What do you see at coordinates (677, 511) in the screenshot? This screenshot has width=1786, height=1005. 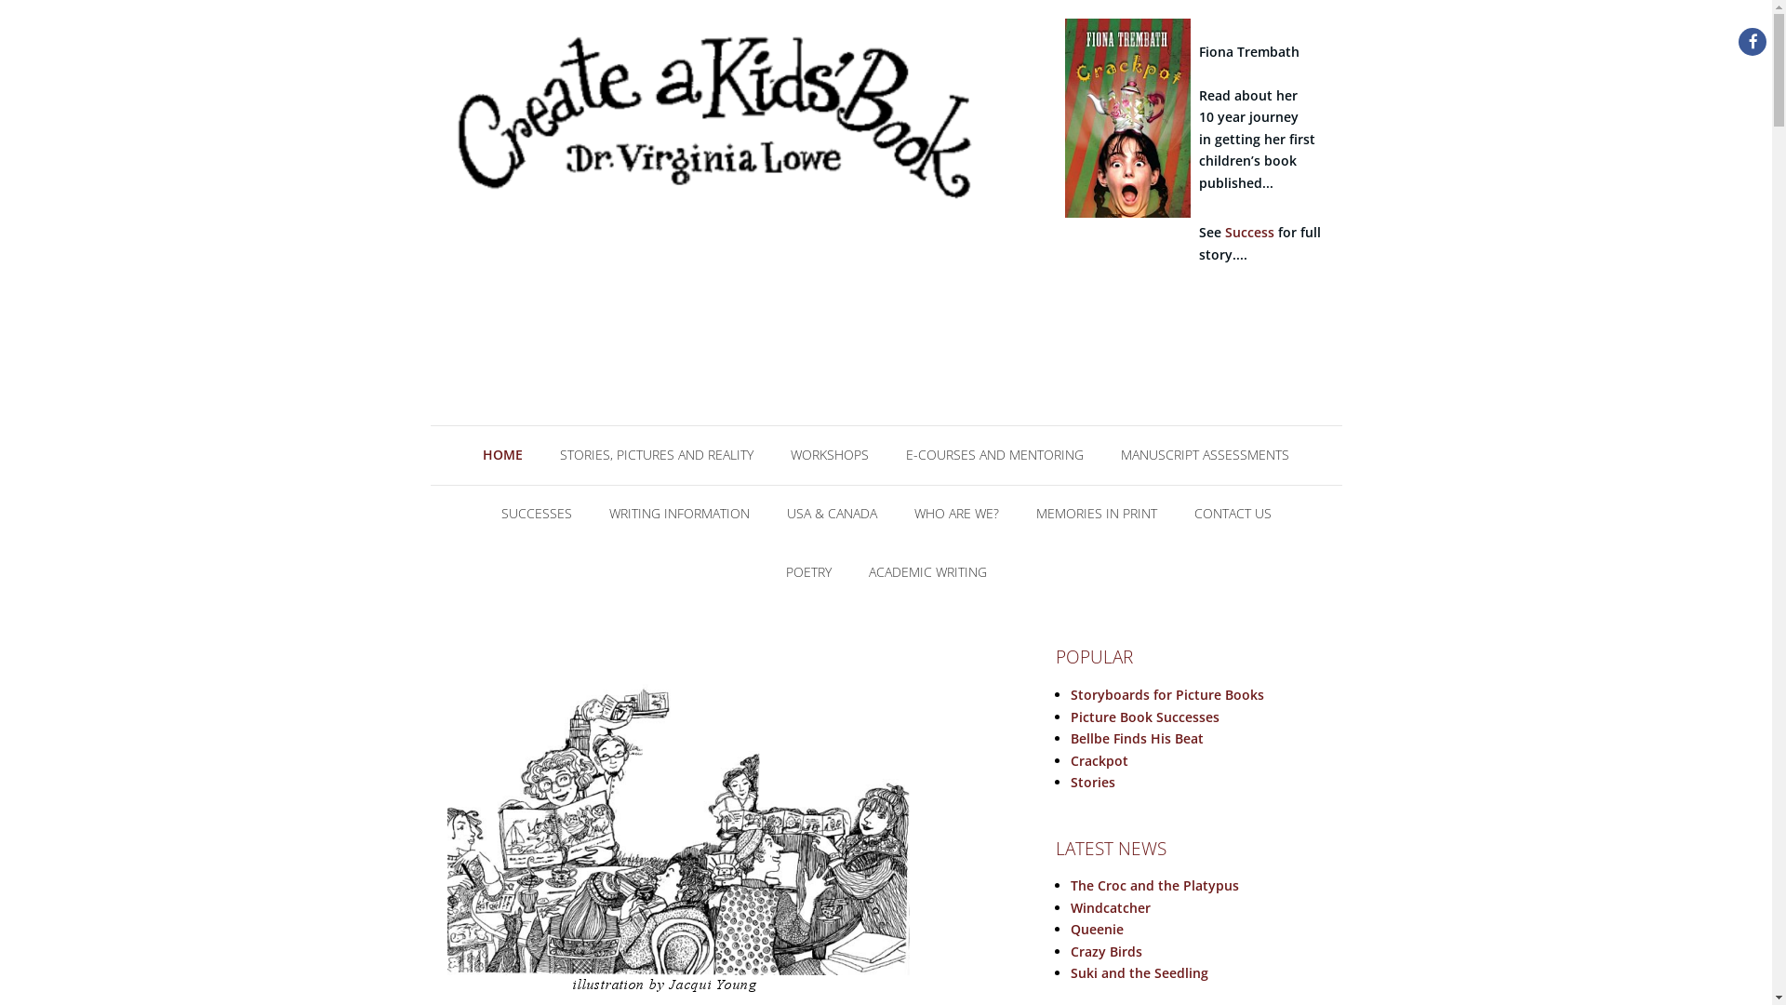 I see `'WRITING INFORMATION'` at bounding box center [677, 511].